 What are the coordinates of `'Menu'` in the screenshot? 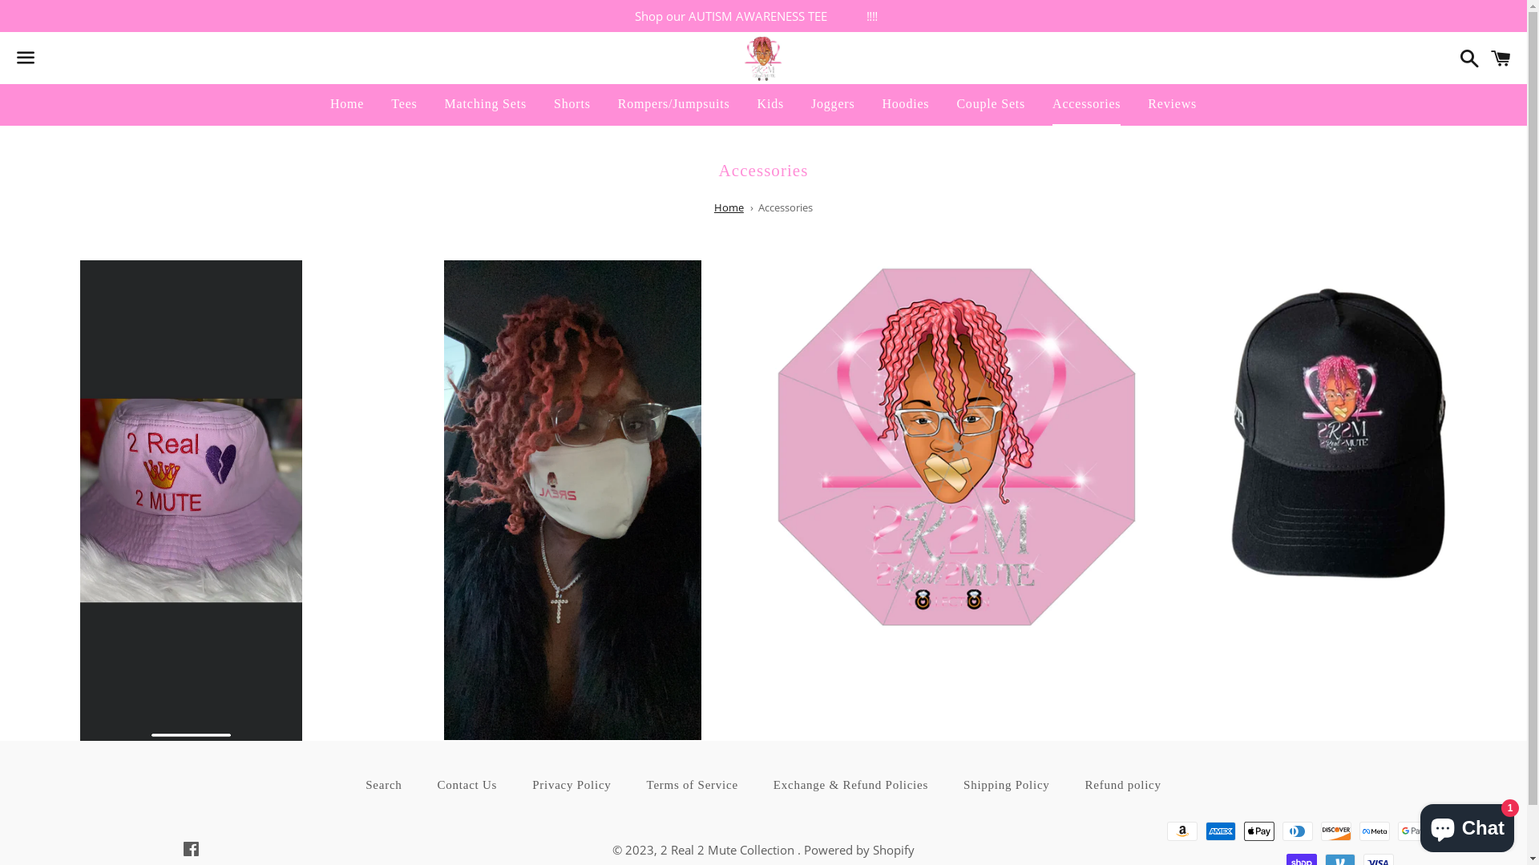 It's located at (26, 58).